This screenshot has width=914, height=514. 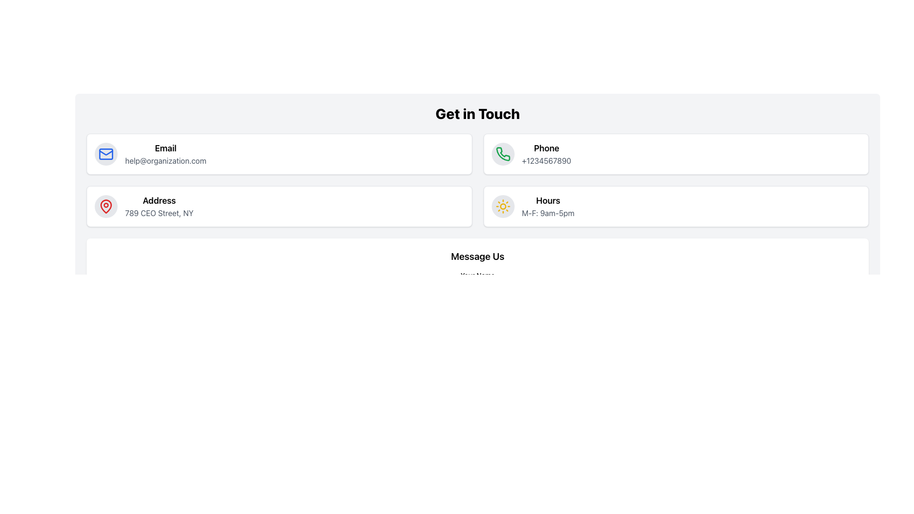 I want to click on the phone contact icon button located in the upper-right card titled 'Phone', positioned to the left of the text '+1234567890', so click(x=502, y=154).